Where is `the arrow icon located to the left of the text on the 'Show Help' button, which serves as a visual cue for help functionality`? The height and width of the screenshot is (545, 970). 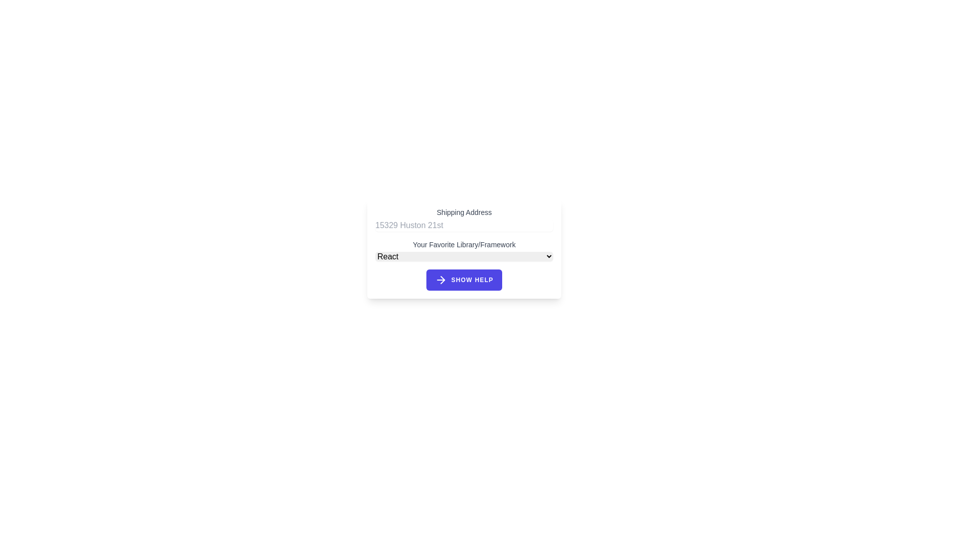
the arrow icon located to the left of the text on the 'Show Help' button, which serves as a visual cue for help functionality is located at coordinates (441, 280).